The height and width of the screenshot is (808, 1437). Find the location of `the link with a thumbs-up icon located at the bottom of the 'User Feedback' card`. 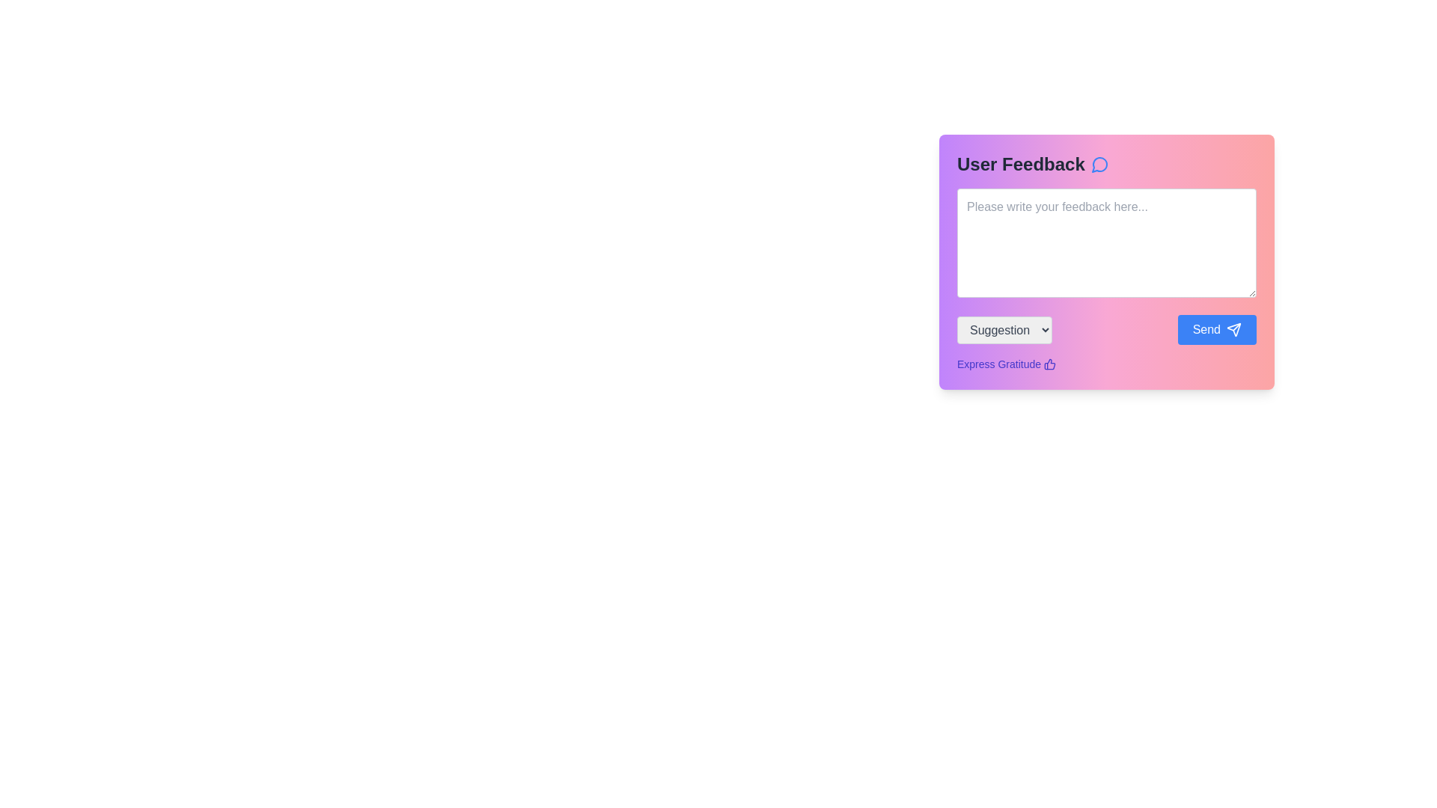

the link with a thumbs-up icon located at the bottom of the 'User Feedback' card is located at coordinates (1006, 364).